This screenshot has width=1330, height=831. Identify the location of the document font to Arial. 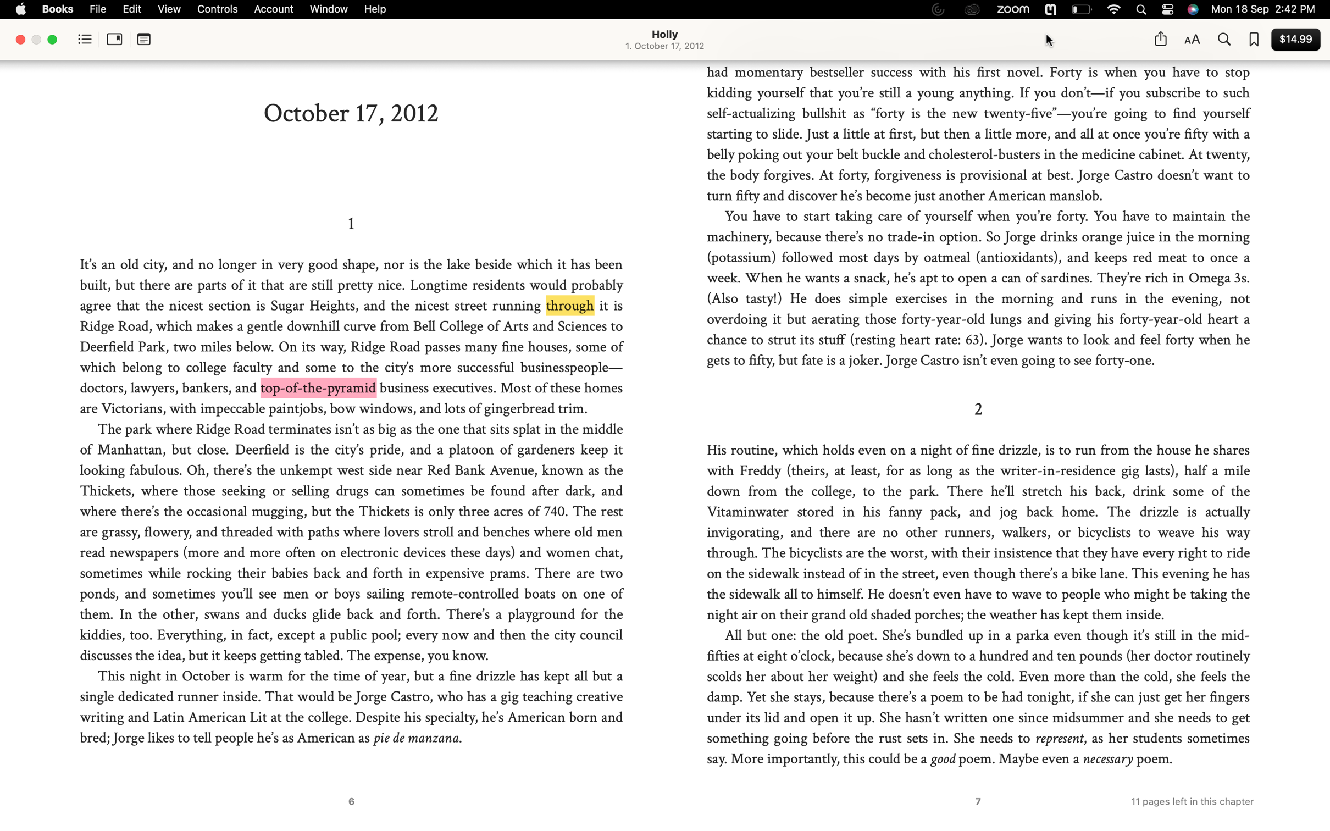
(1191, 40).